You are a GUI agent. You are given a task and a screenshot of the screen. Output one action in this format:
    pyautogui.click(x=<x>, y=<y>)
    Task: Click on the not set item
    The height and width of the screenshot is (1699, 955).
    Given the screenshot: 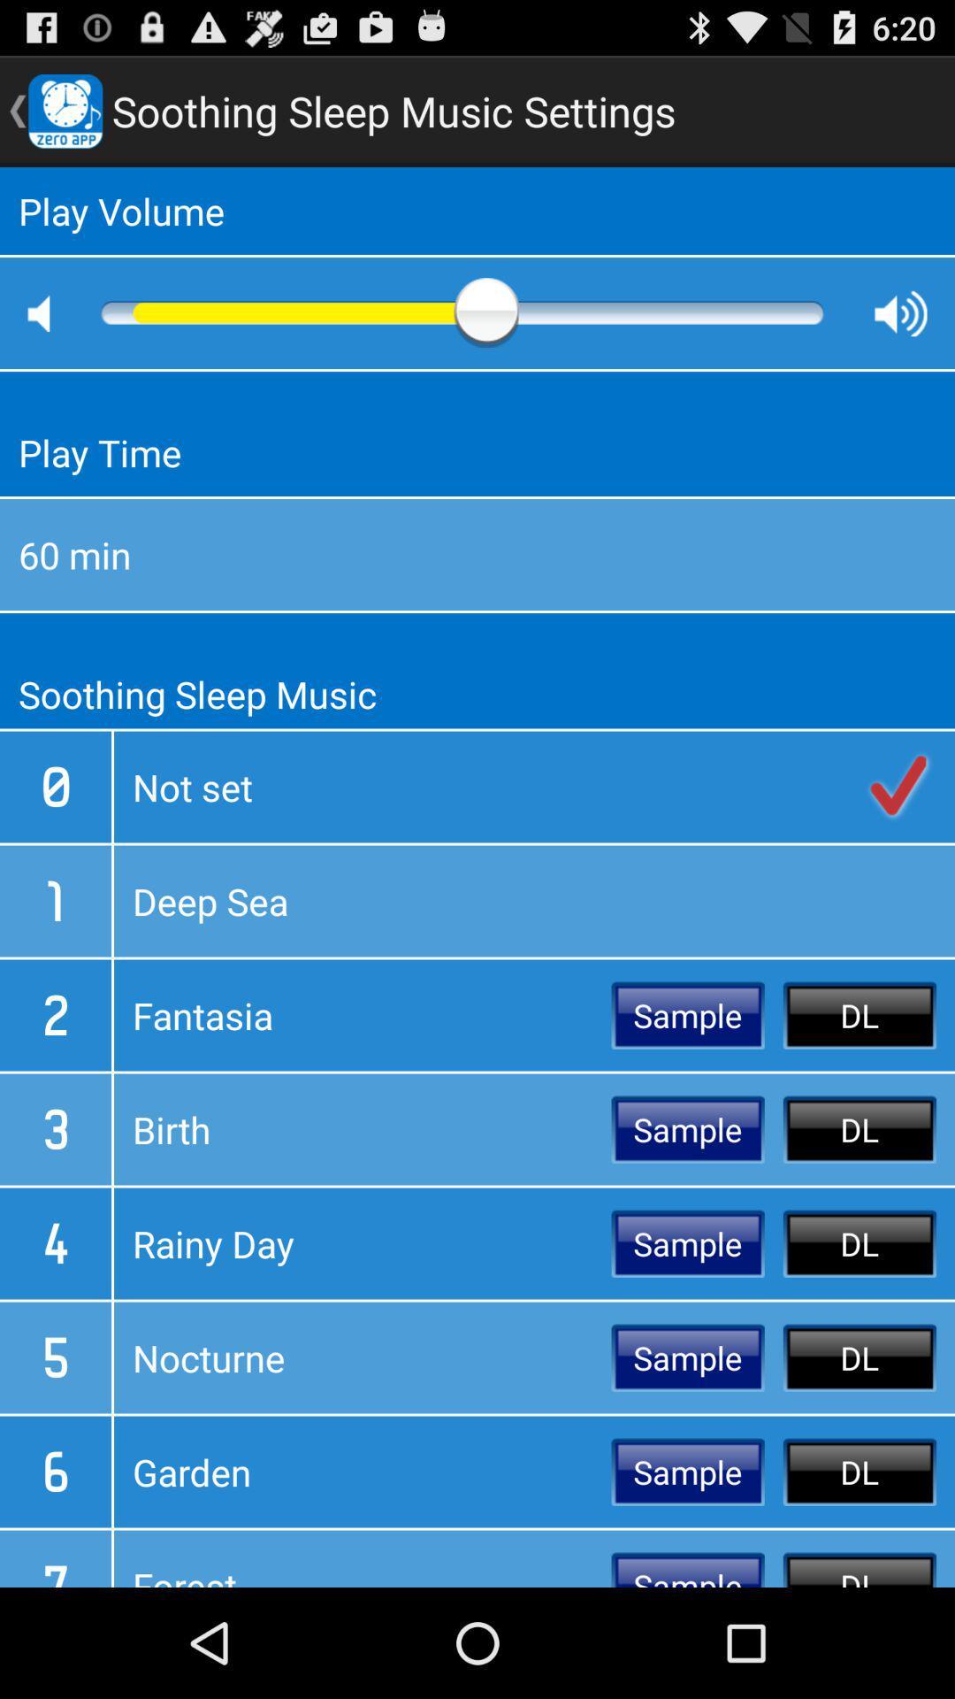 What is the action you would take?
    pyautogui.click(x=533, y=786)
    